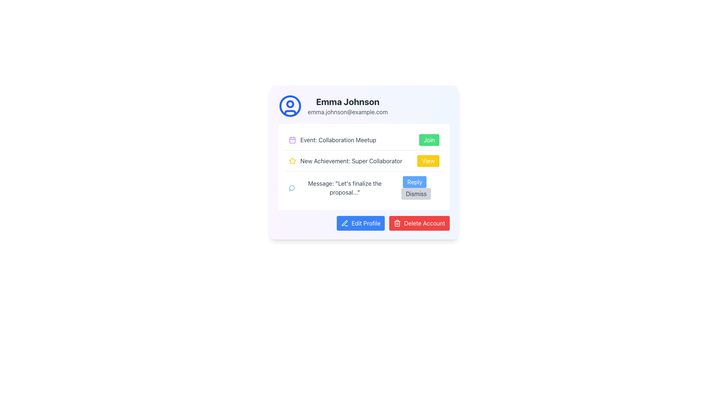 This screenshot has width=709, height=398. I want to click on the first Informational Row in the grid layout, so click(364, 140).